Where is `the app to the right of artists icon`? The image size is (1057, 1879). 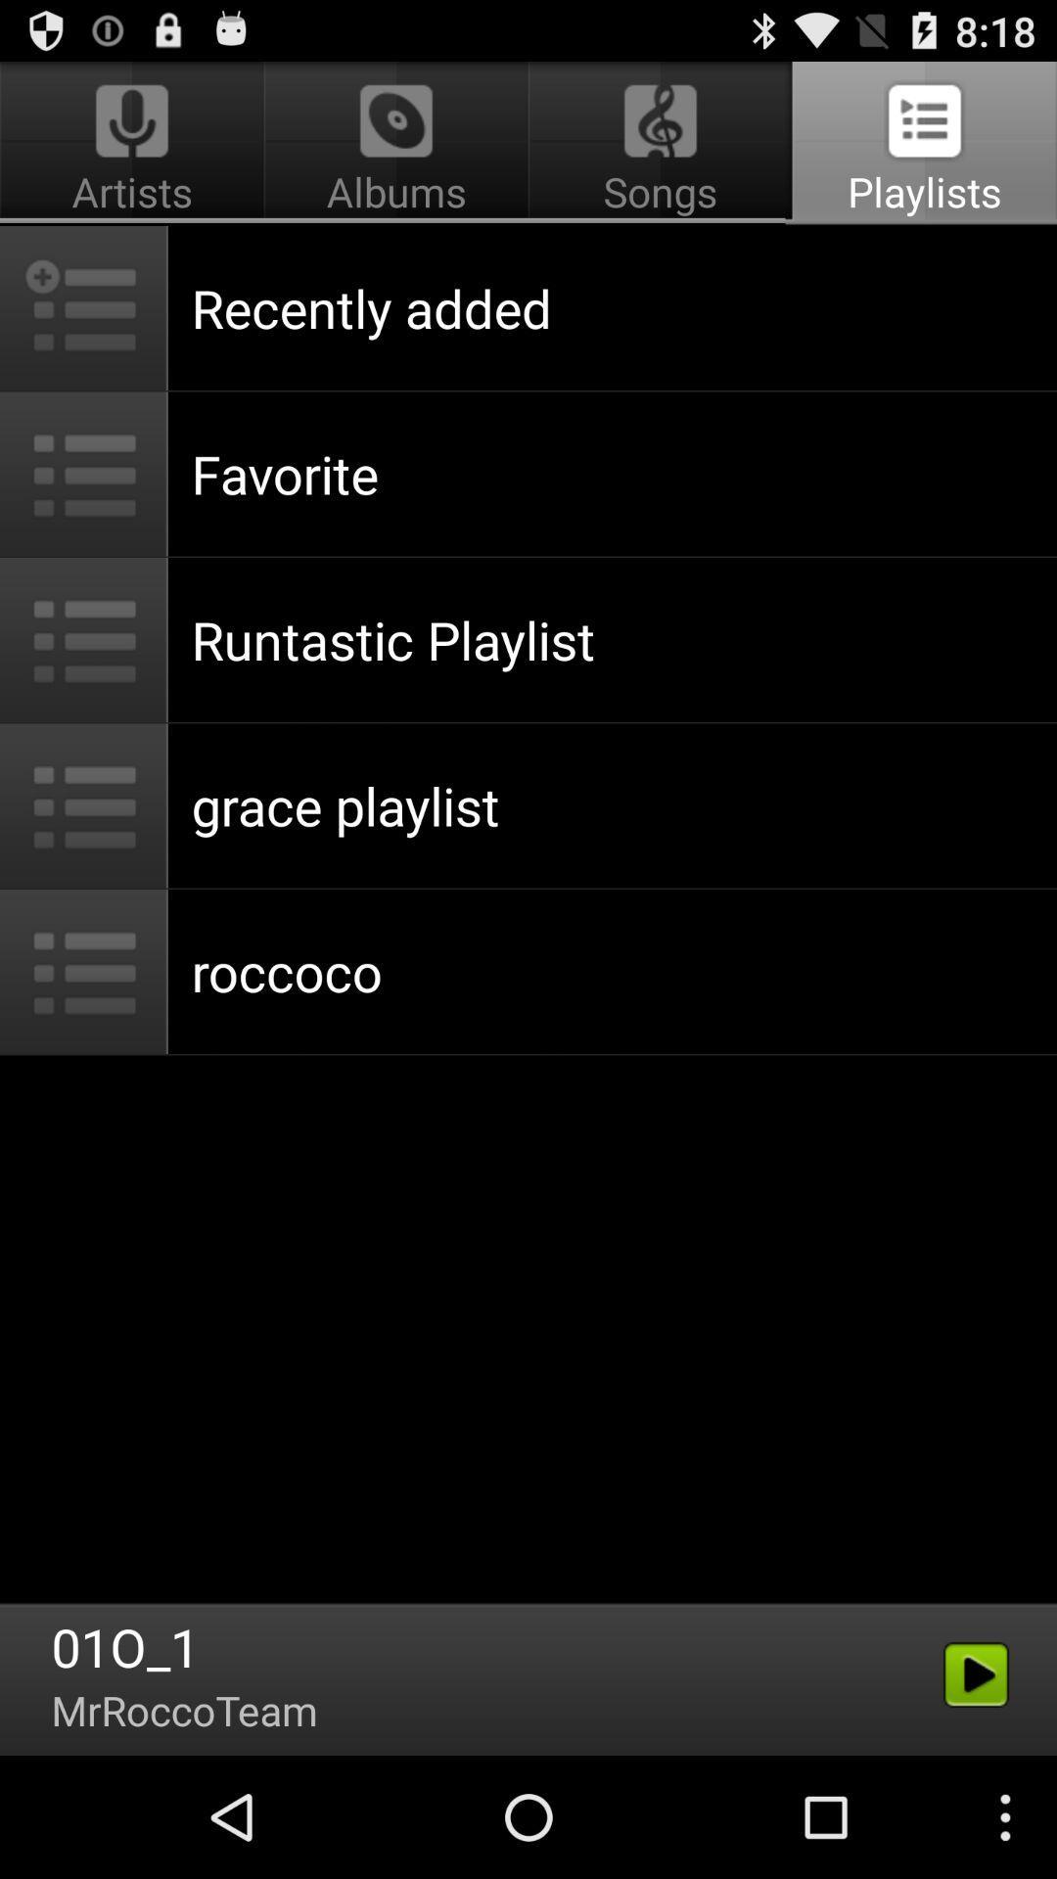
the app to the right of artists icon is located at coordinates (661, 143).